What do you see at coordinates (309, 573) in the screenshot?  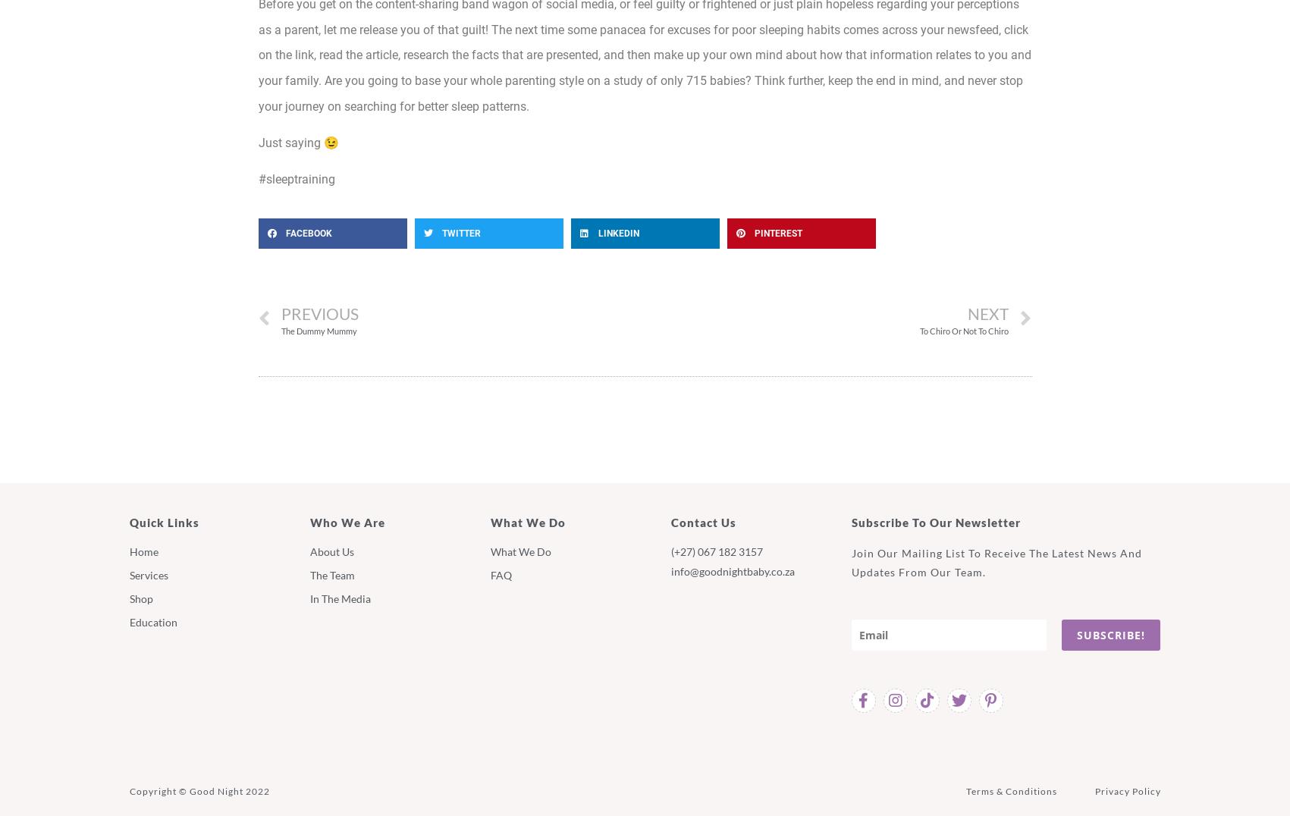 I see `'The Team'` at bounding box center [309, 573].